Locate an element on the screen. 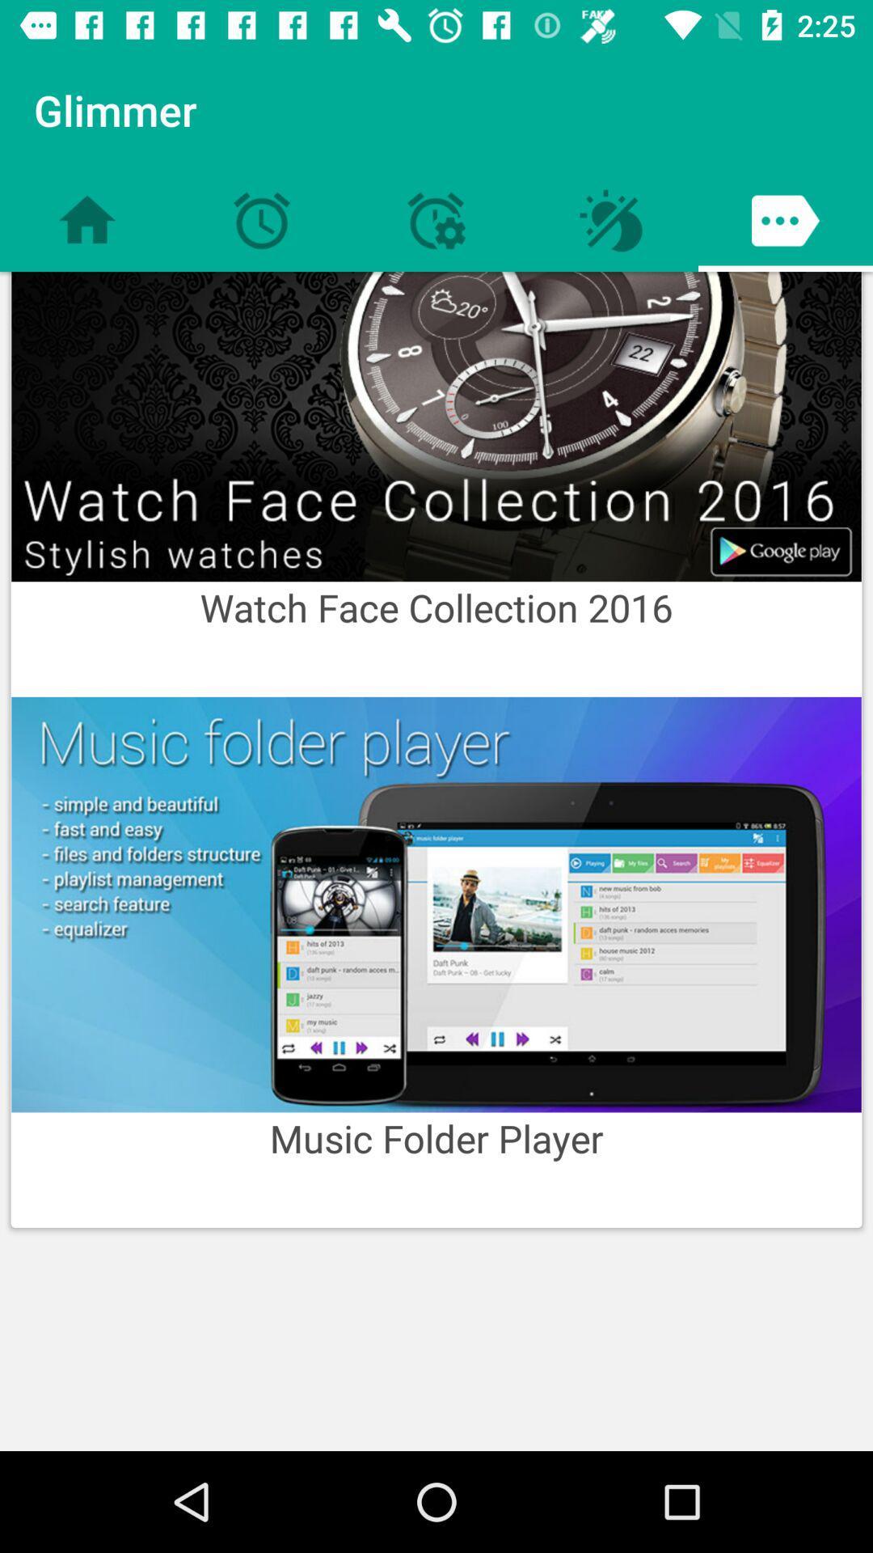 The height and width of the screenshot is (1553, 873). follow the banner is located at coordinates (436, 426).